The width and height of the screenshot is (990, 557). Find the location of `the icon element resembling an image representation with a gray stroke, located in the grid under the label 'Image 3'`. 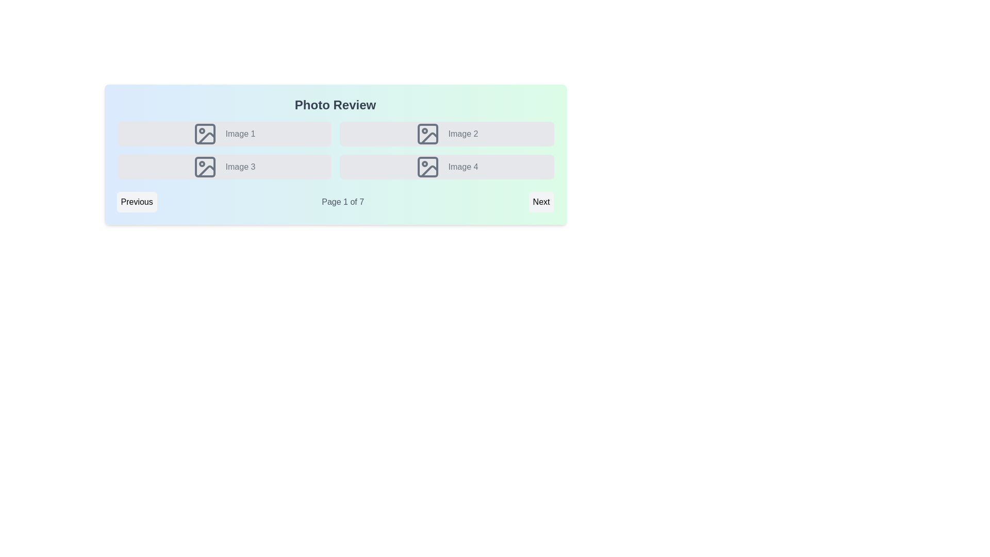

the icon element resembling an image representation with a gray stroke, located in the grid under the label 'Image 3' is located at coordinates (205, 167).